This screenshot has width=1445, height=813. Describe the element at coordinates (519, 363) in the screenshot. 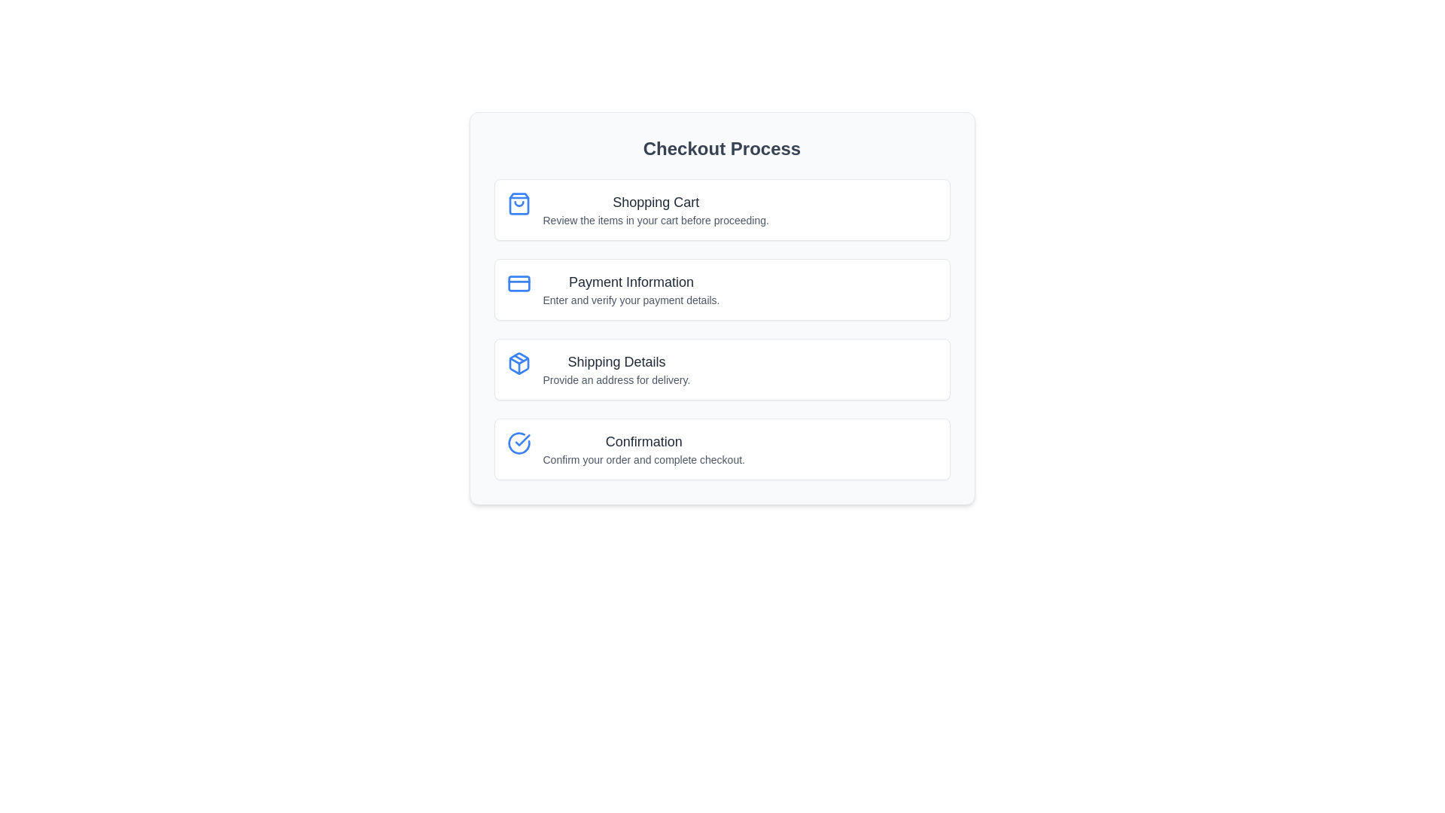

I see `the cube or package icon in wireframe style with a blue outline, located in the 'Shipping Details' section of the 'Checkout Process' card UI` at that location.